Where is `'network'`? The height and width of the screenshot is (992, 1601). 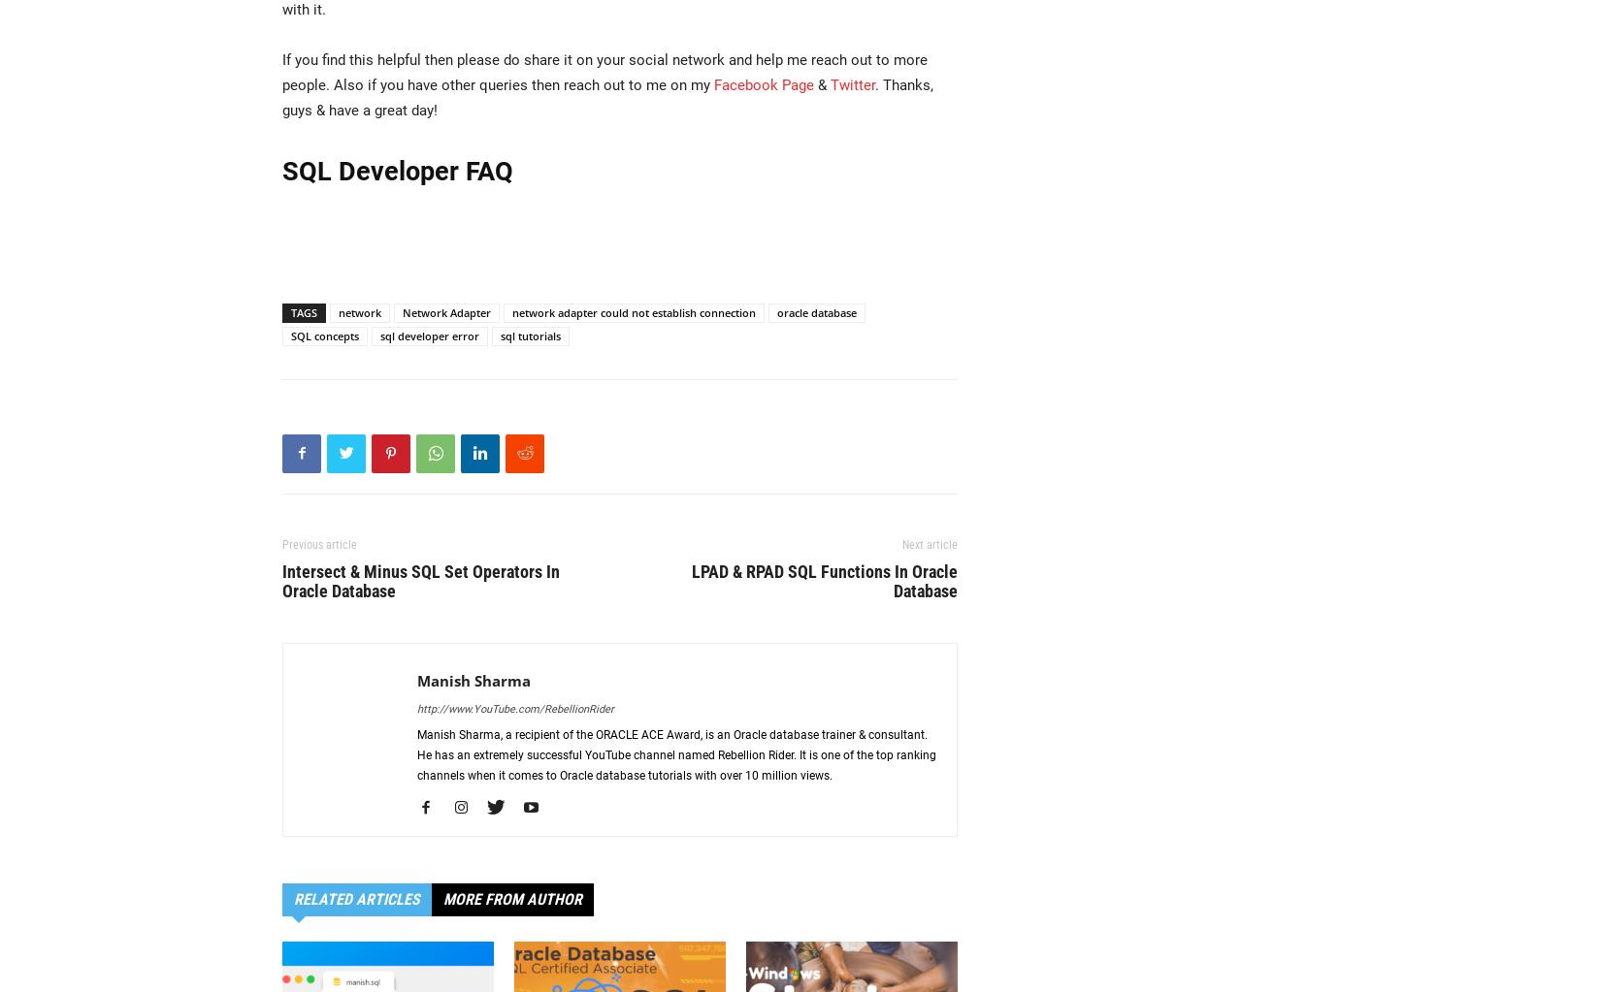
'network' is located at coordinates (359, 311).